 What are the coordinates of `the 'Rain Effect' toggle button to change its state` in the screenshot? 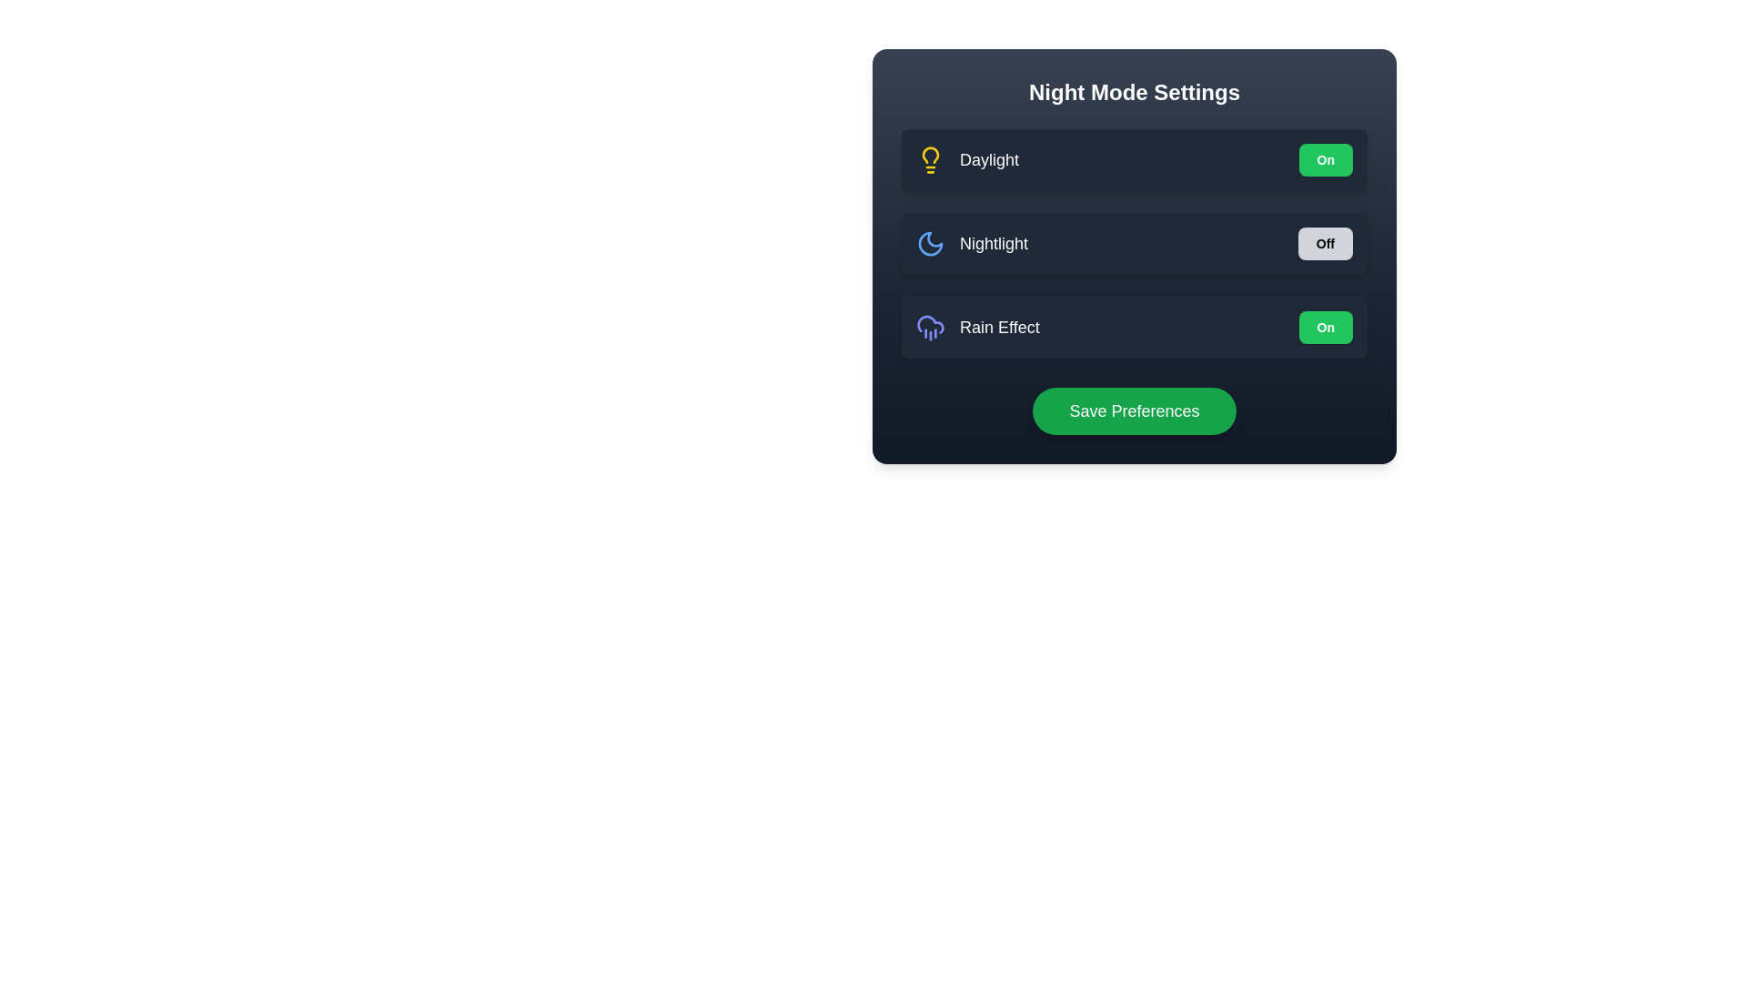 It's located at (1326, 326).